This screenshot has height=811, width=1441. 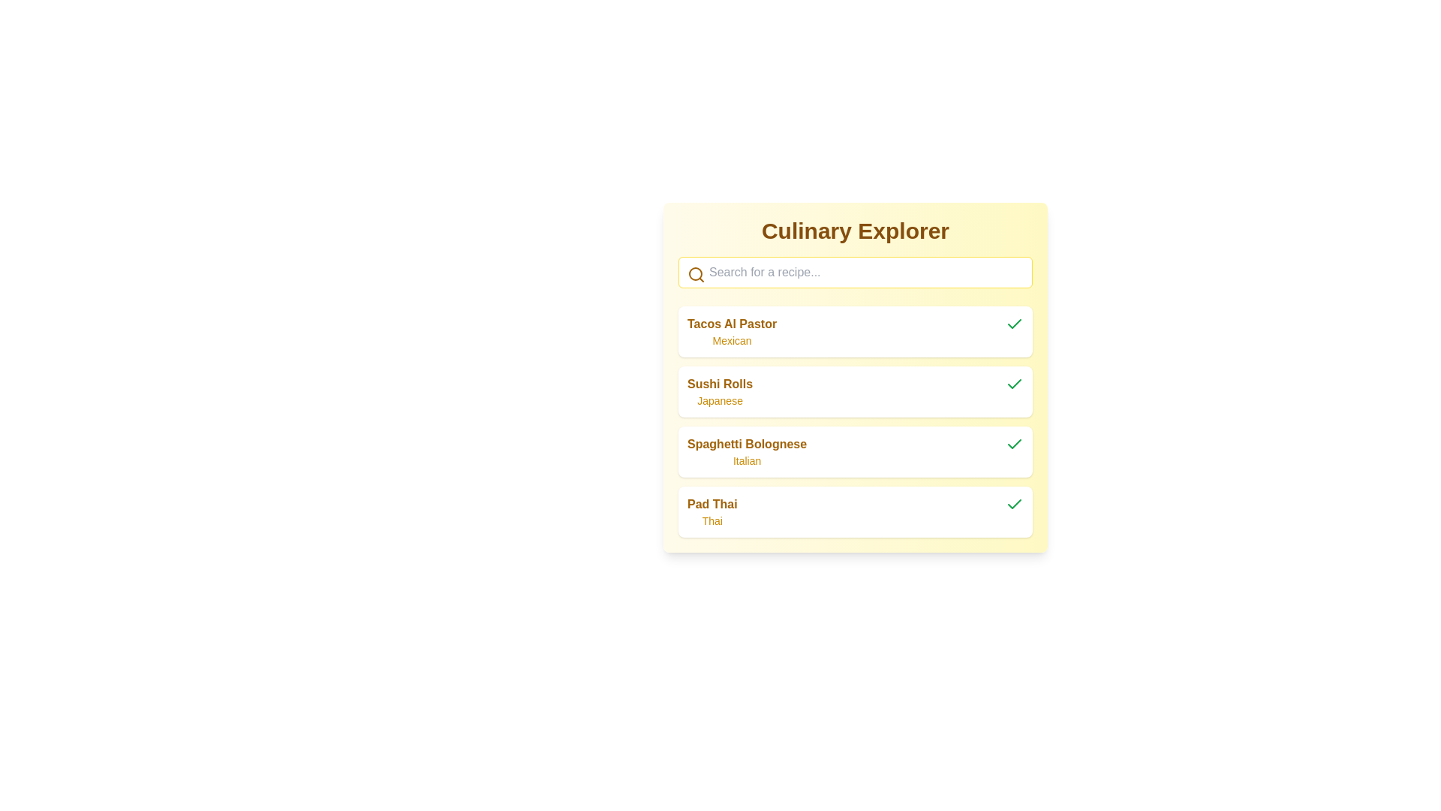 What do you see at coordinates (747, 443) in the screenshot?
I see `on the text label displaying 'Spaghetti Bolognese', which is in bold, yellow-brown font and located above the description 'Italian' in the recipe list` at bounding box center [747, 443].